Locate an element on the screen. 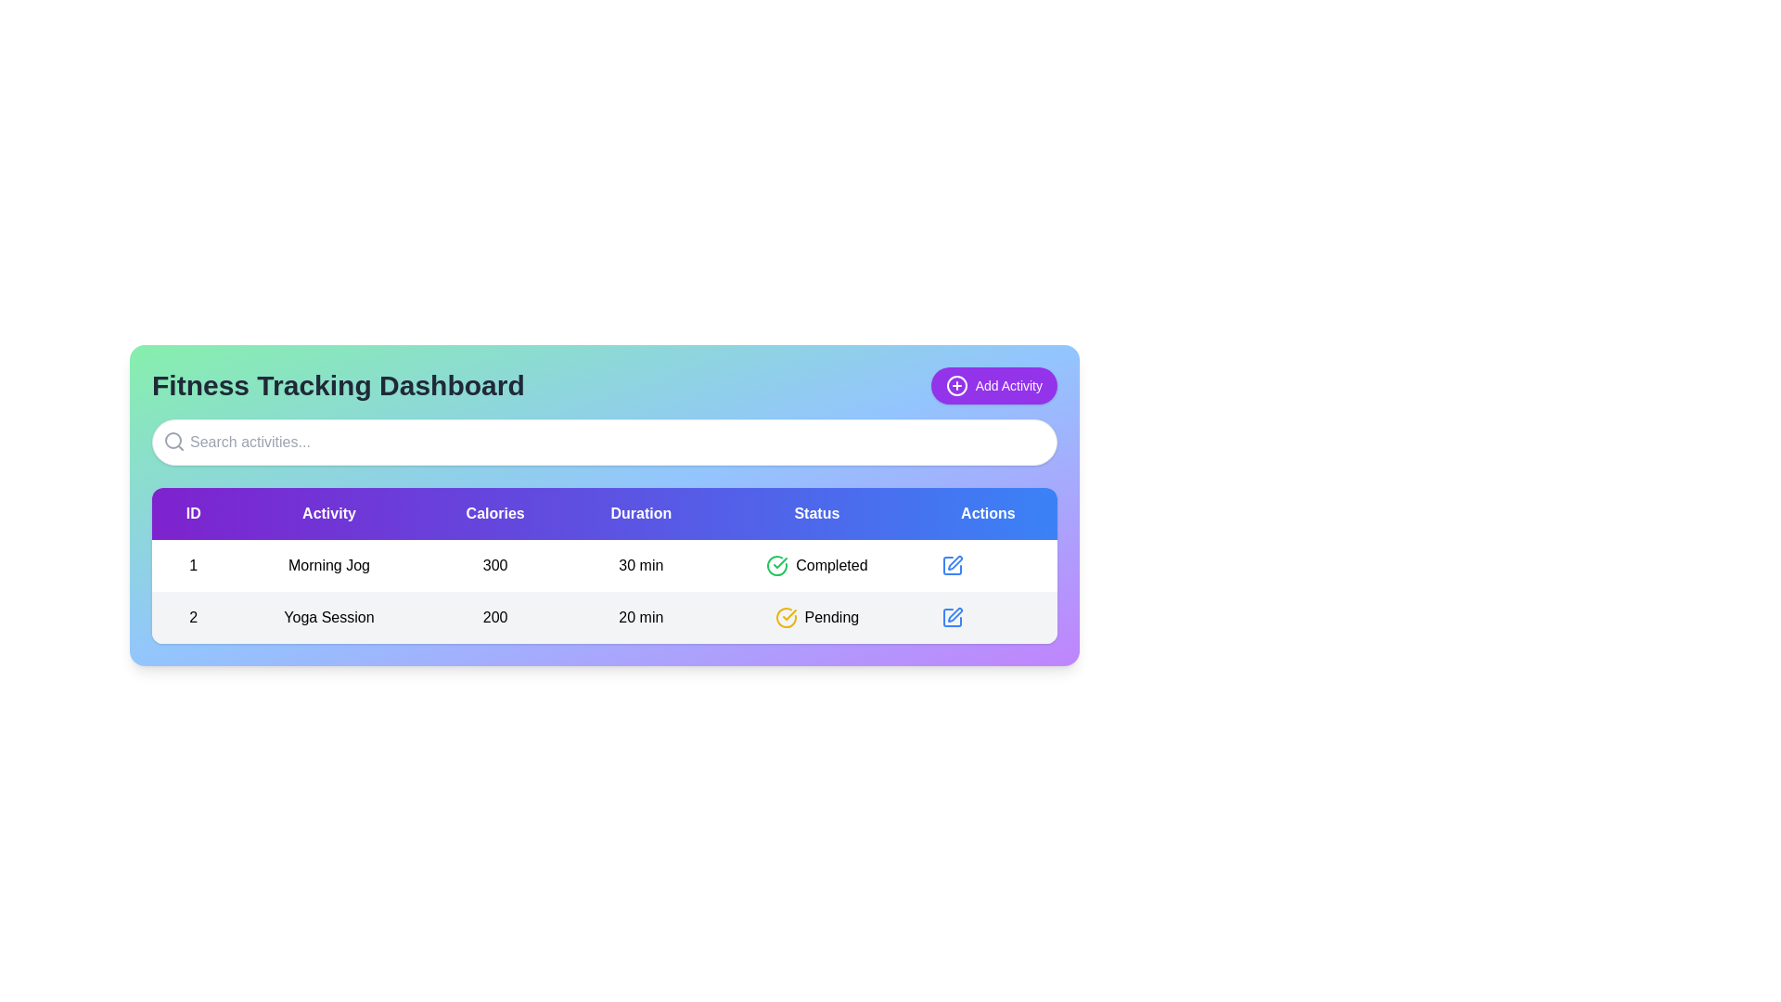 This screenshot has width=1781, height=1002. the 'Add Activity' icon located inside the purple button at the top right of the interface to create a new activity is located at coordinates (956, 385).